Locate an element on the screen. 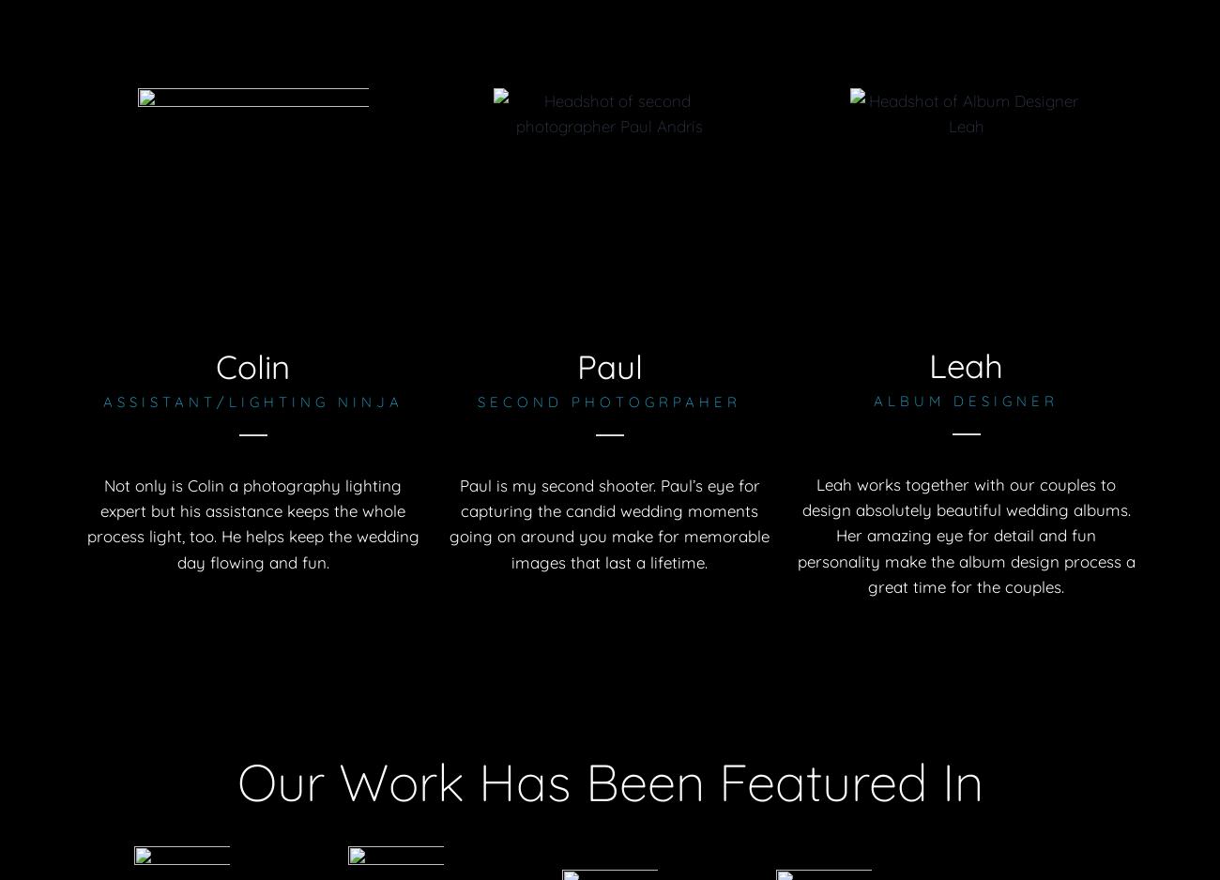  'Assistant/Lighting Ninja' is located at coordinates (251, 402).